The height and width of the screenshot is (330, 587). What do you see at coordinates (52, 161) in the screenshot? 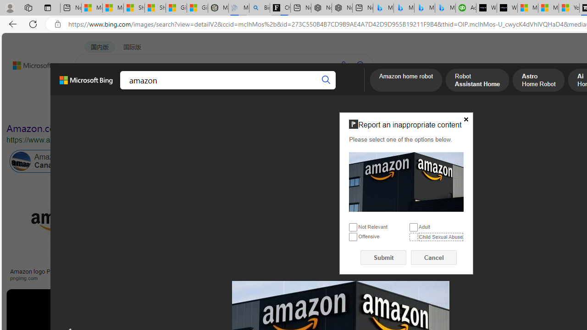
I see `'Amazon Canada Online'` at bounding box center [52, 161].